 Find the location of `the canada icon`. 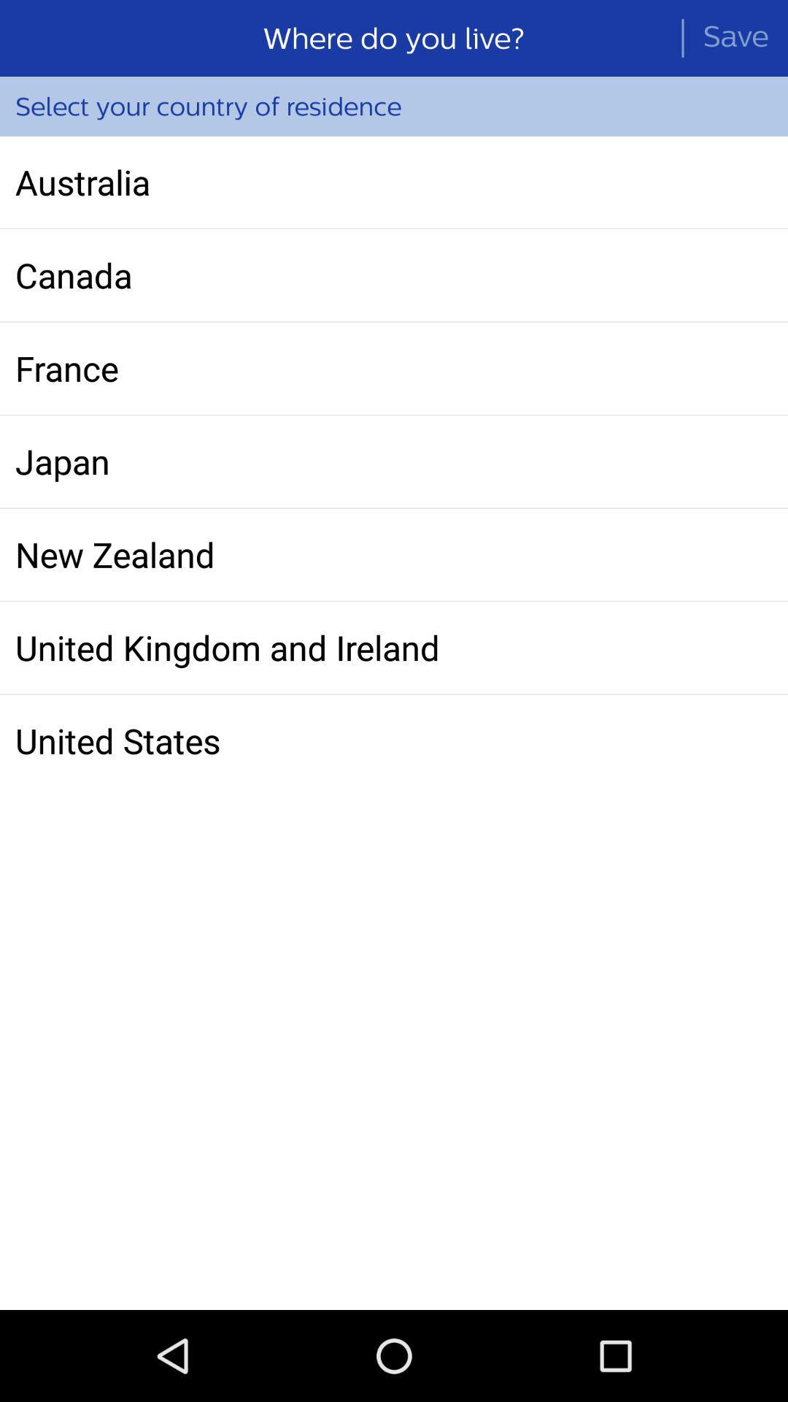

the canada icon is located at coordinates (394, 275).